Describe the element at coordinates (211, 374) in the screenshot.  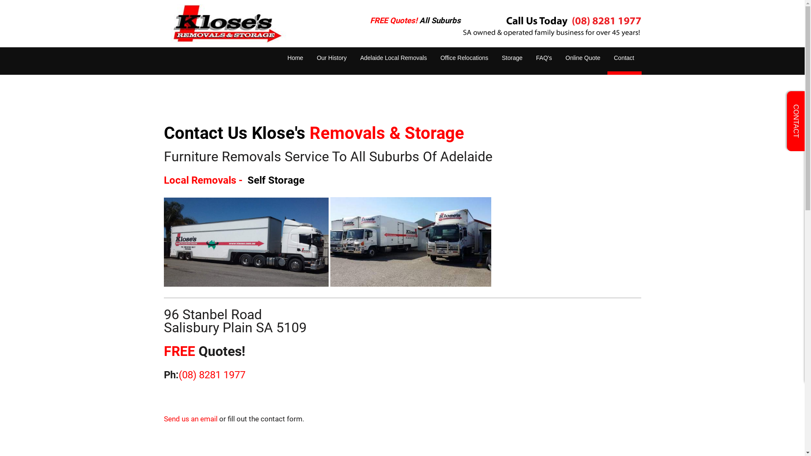
I see `'(08) 8281 1977'` at that location.